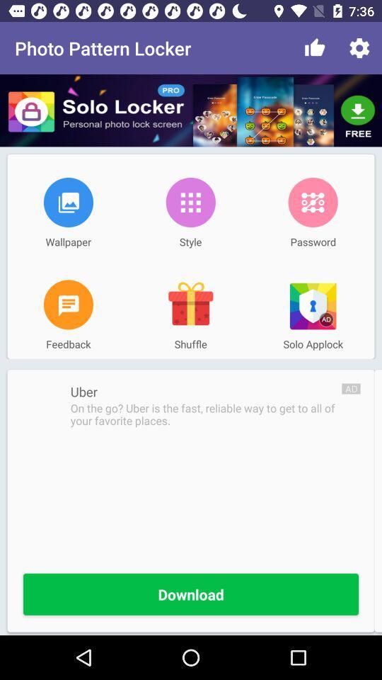 The width and height of the screenshot is (382, 680). I want to click on the item next to the feedback, so click(190, 305).